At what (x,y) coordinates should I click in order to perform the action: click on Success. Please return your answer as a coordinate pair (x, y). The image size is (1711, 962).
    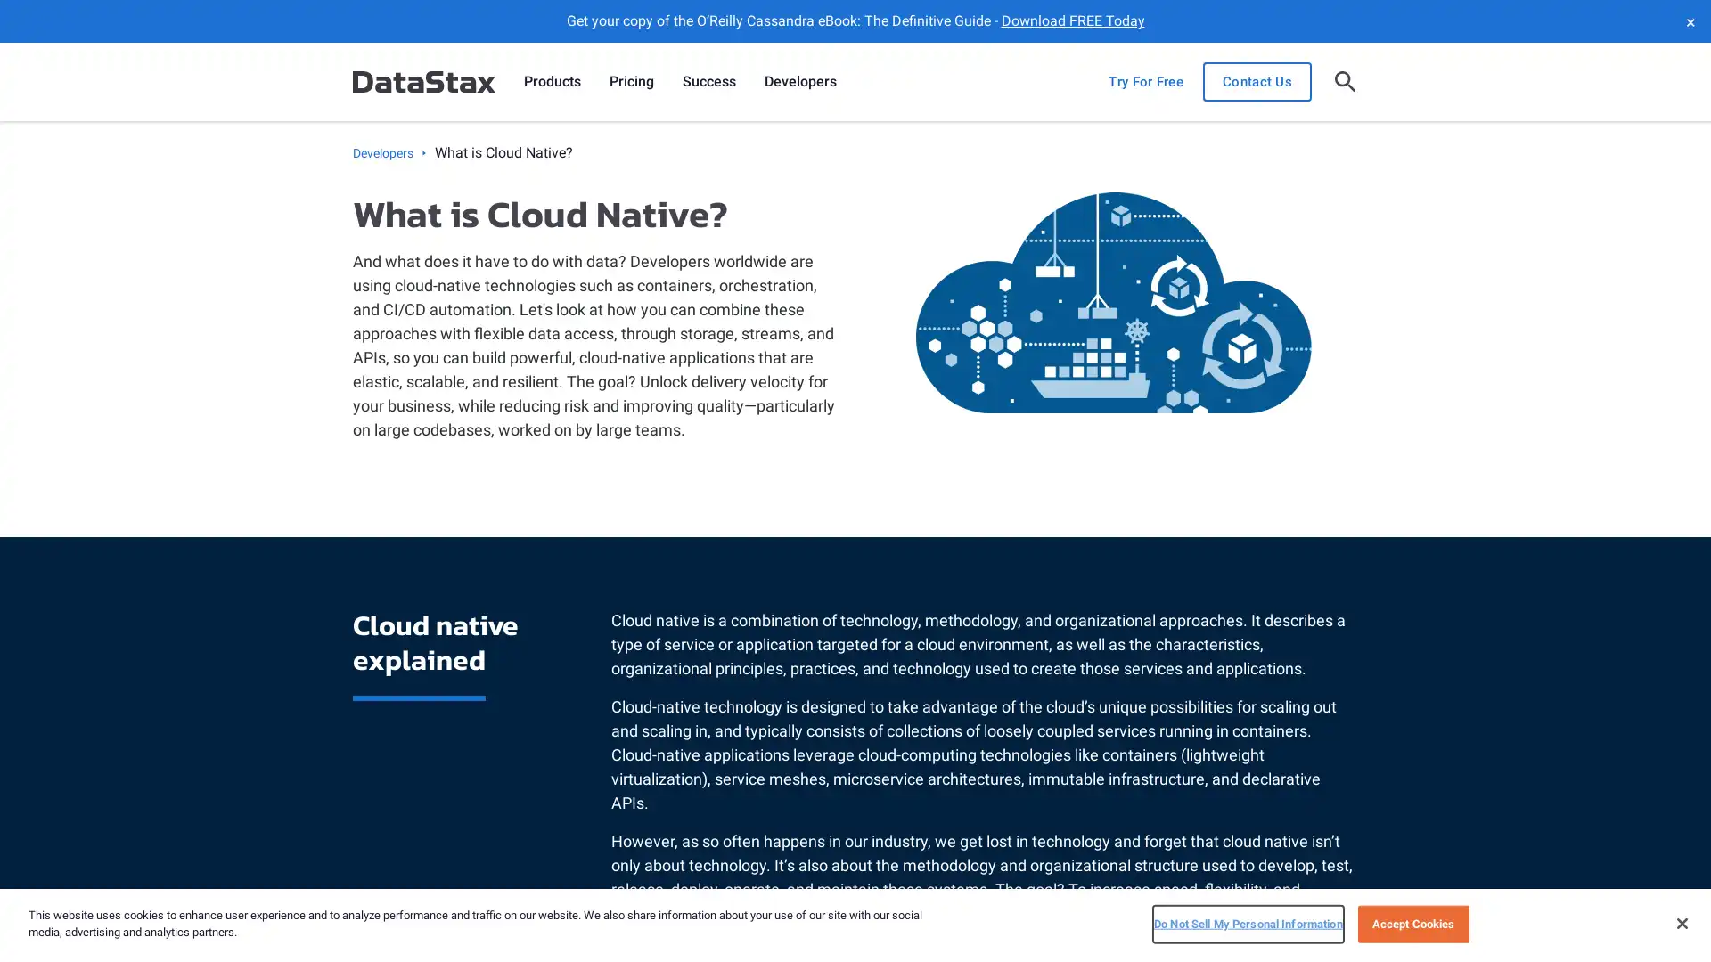
    Looking at the image, I should click on (708, 82).